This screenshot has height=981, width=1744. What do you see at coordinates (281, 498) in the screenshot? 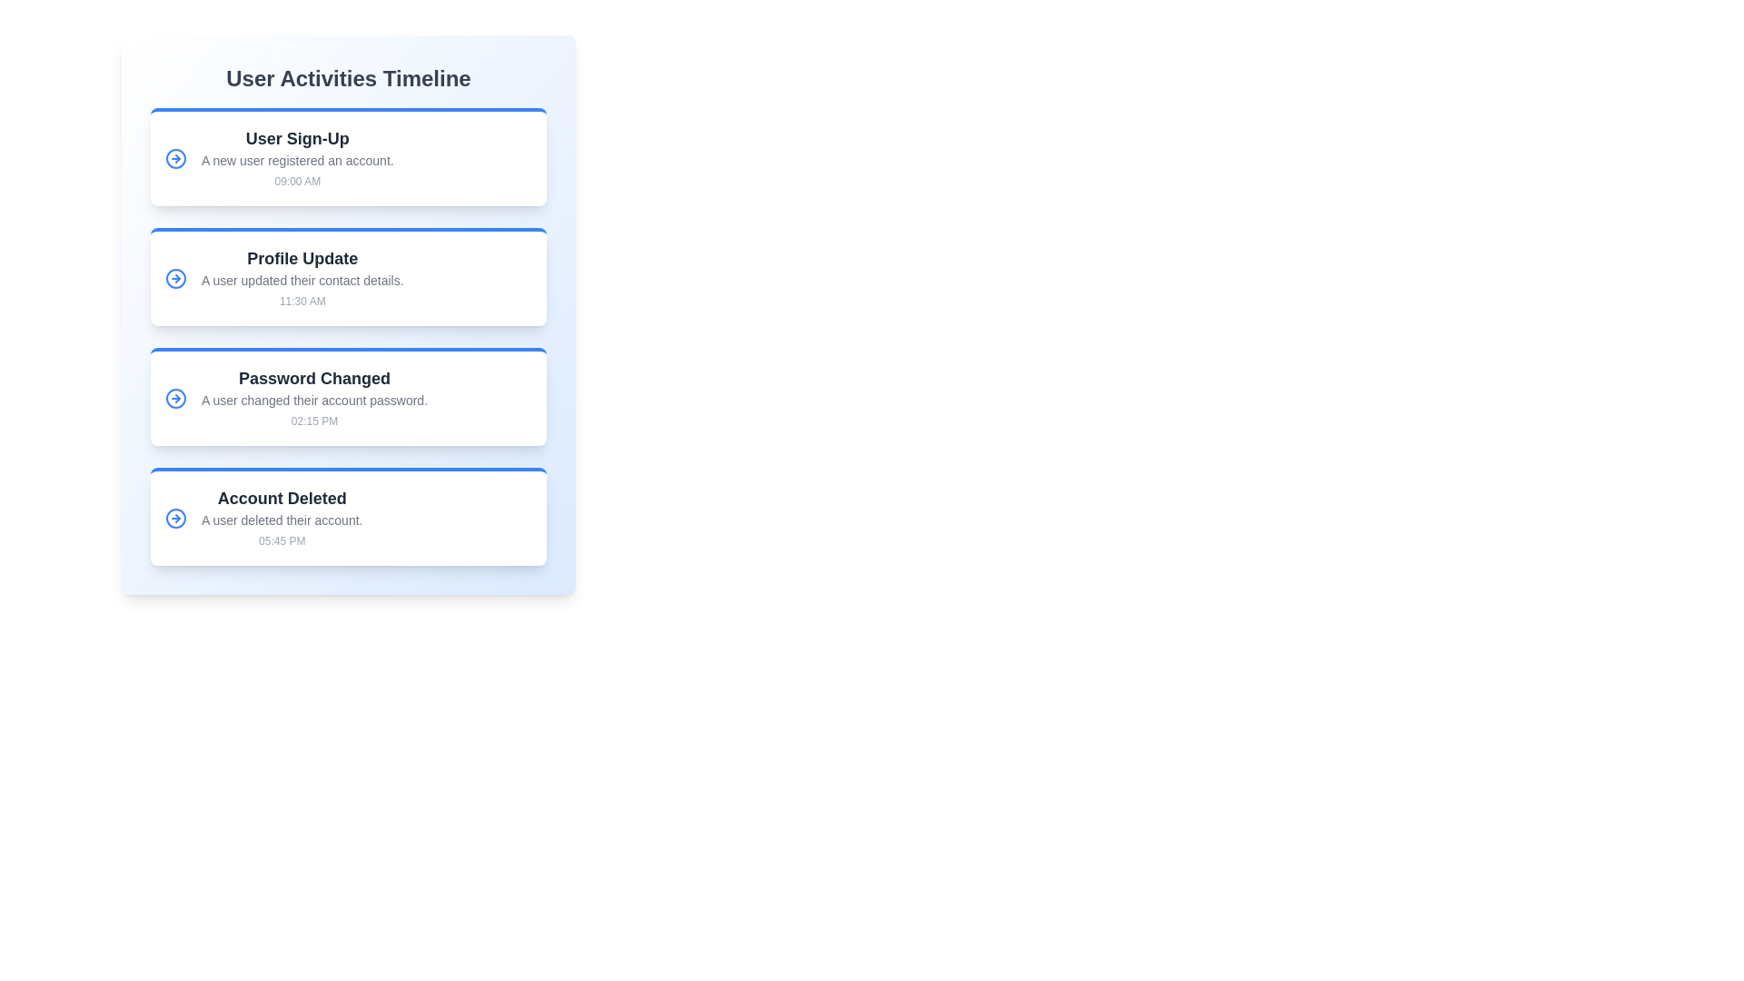
I see `the bold text label reading 'Account Deleted', which is part of a user activity card at the bottom of the vertical list` at bounding box center [281, 498].